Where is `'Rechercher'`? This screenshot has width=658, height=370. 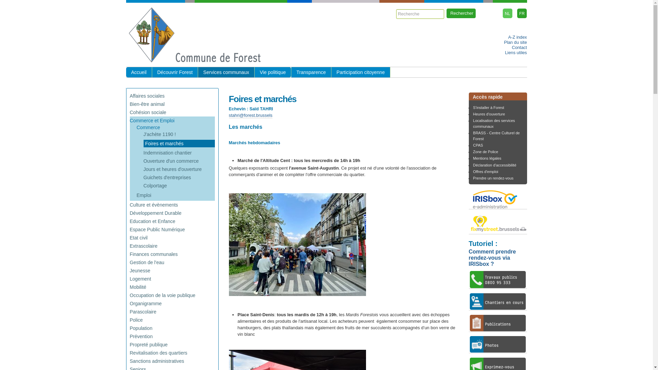
'Rechercher' is located at coordinates (461, 13).